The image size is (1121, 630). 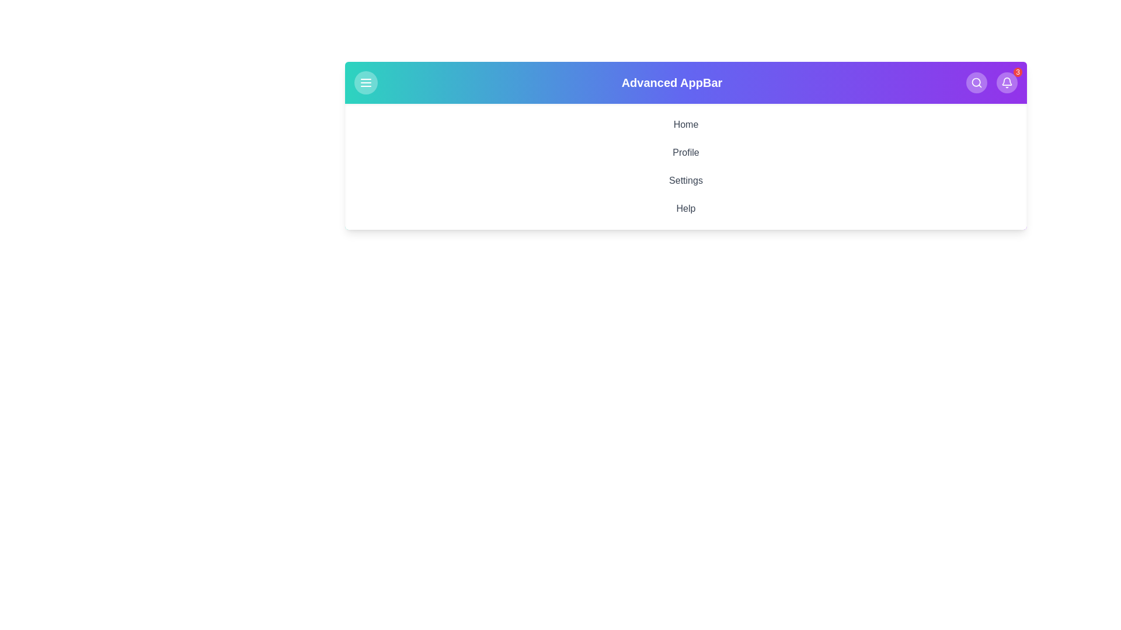 I want to click on the search button in the top right corner of the app bar, so click(x=976, y=82).